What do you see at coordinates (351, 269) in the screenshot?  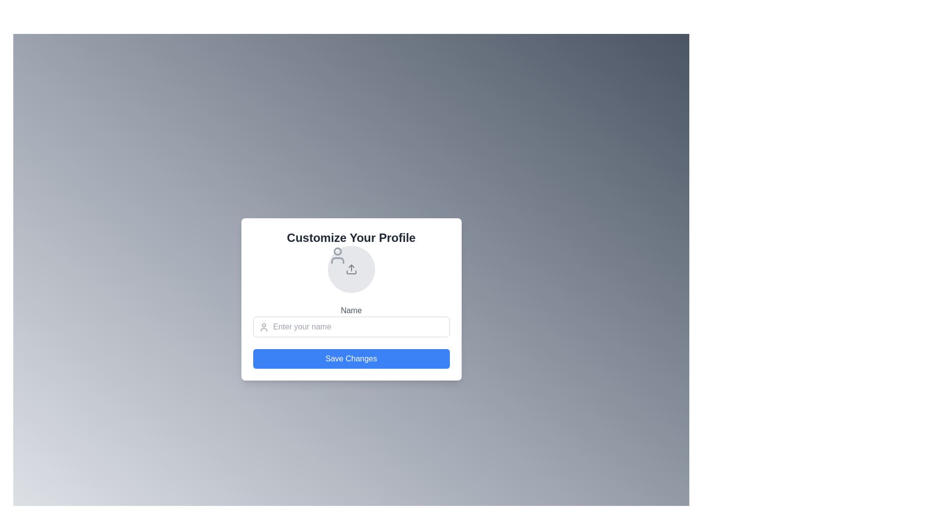 I see `the circular image upload placeholder icon in the modal, located beneath the title 'Customize Your Profile'` at bounding box center [351, 269].